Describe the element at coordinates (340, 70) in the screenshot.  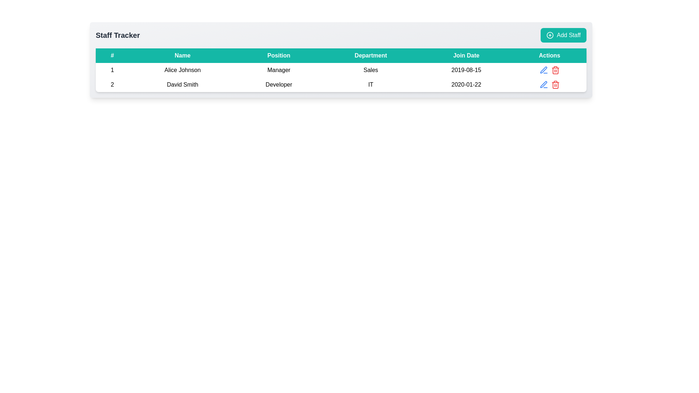
I see `the first row of the Staff Tracker table` at that location.